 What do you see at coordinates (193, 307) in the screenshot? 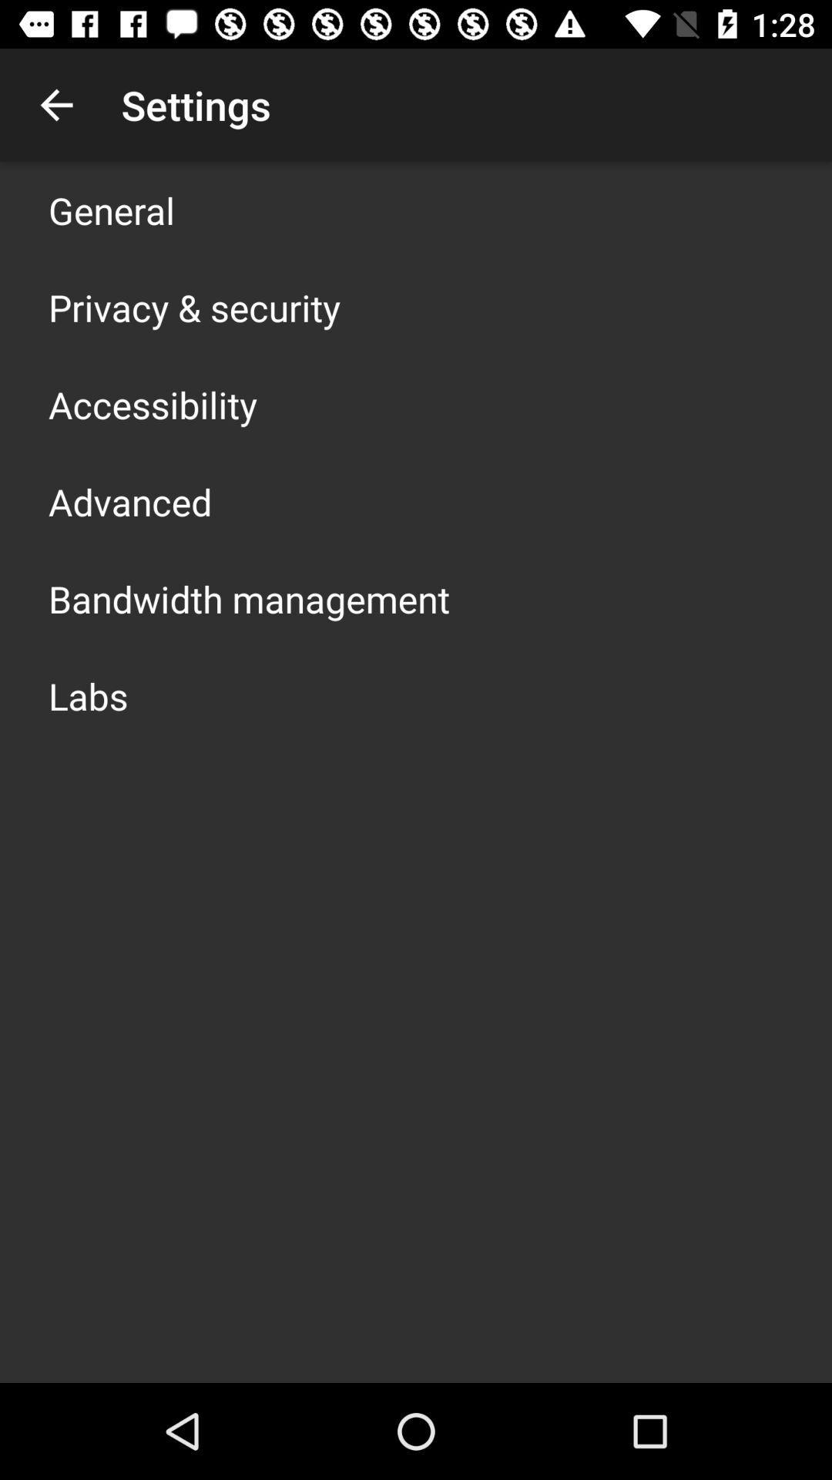
I see `the privacy & security` at bounding box center [193, 307].